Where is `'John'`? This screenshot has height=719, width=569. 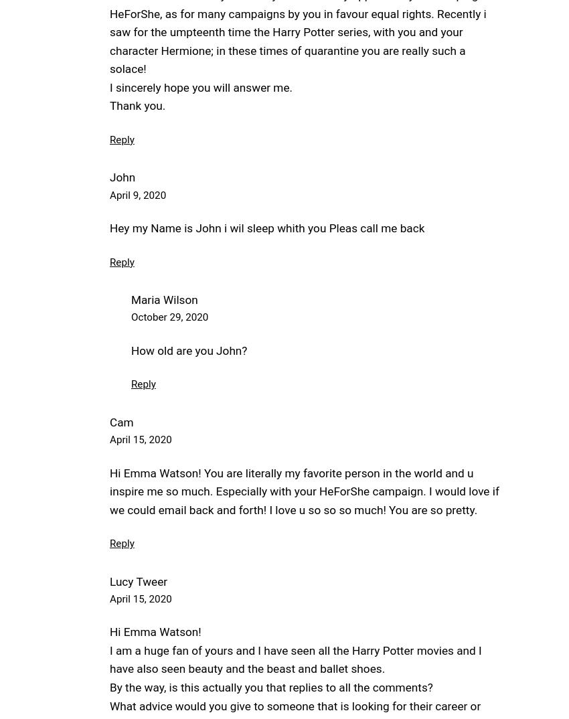
'John' is located at coordinates (122, 176).